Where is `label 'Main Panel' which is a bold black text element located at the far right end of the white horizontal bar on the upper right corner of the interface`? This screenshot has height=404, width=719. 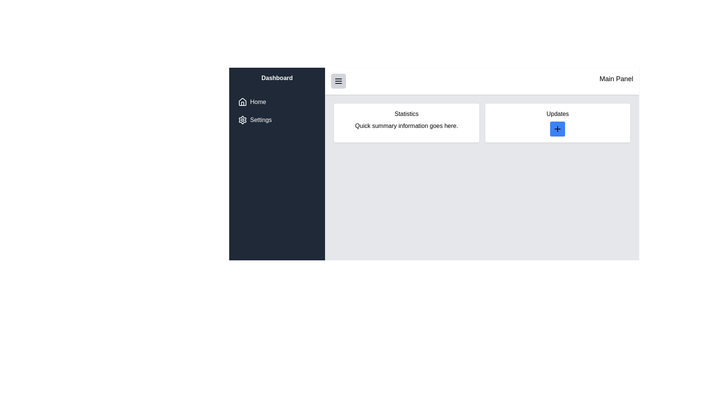 label 'Main Panel' which is a bold black text element located at the far right end of the white horizontal bar on the upper right corner of the interface is located at coordinates (616, 81).